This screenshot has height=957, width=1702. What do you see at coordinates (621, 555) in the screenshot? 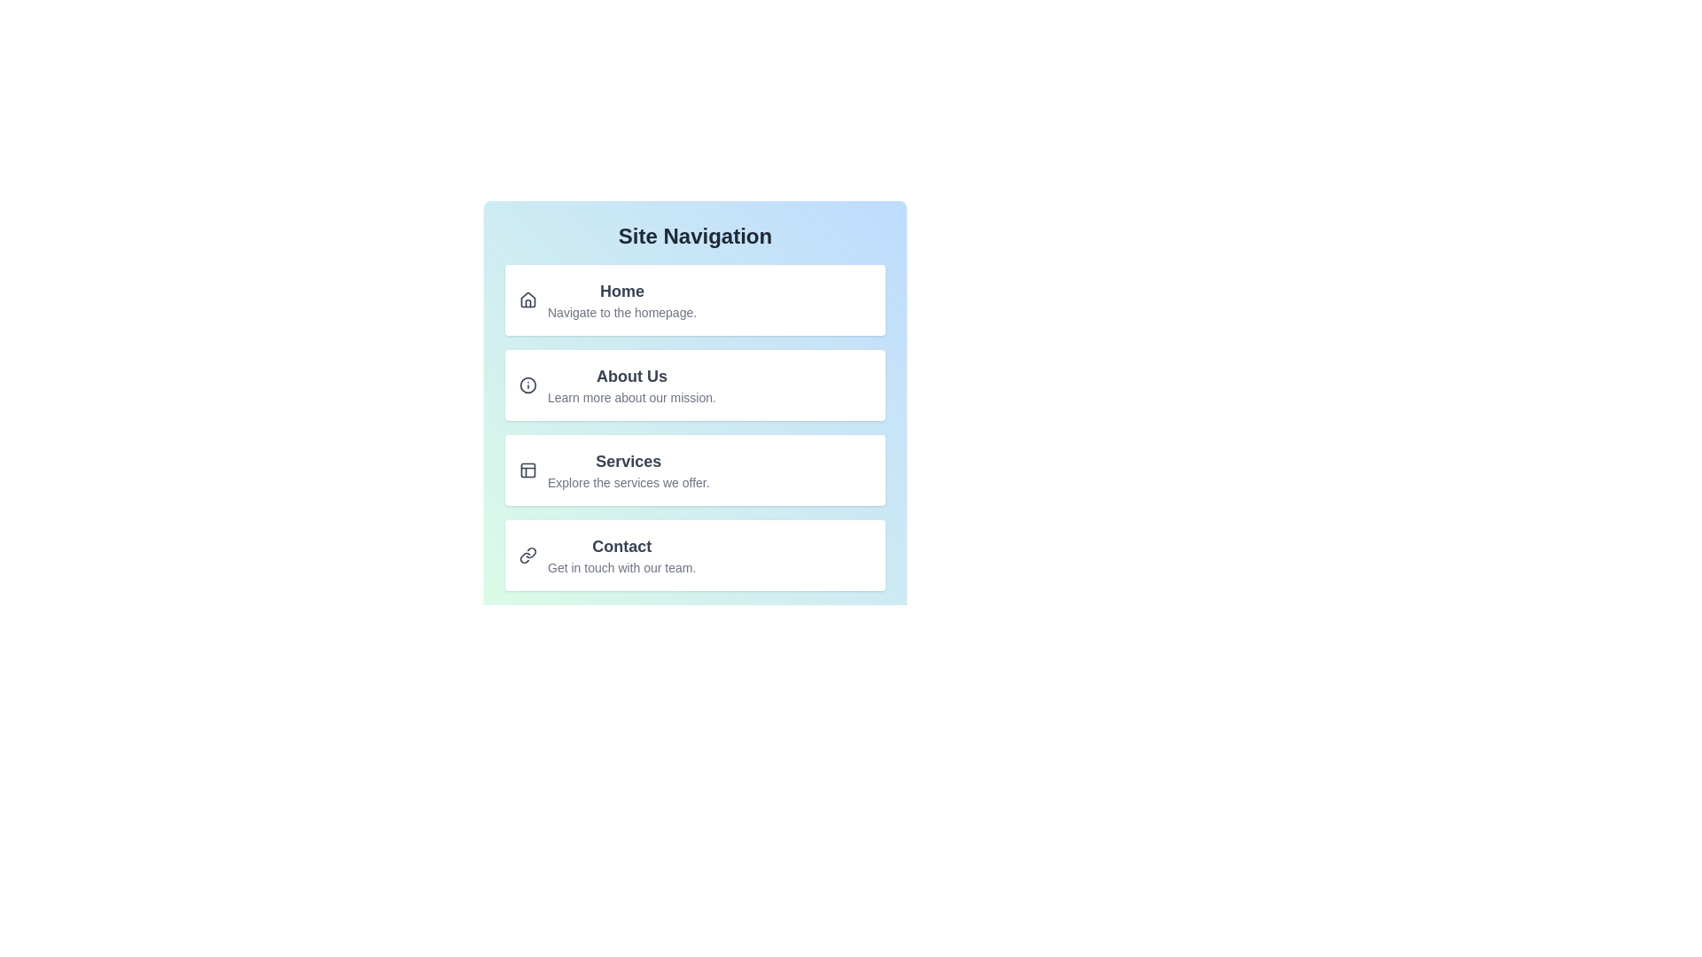
I see `the 'Contact' text block in the vertical navigation menu` at bounding box center [621, 555].